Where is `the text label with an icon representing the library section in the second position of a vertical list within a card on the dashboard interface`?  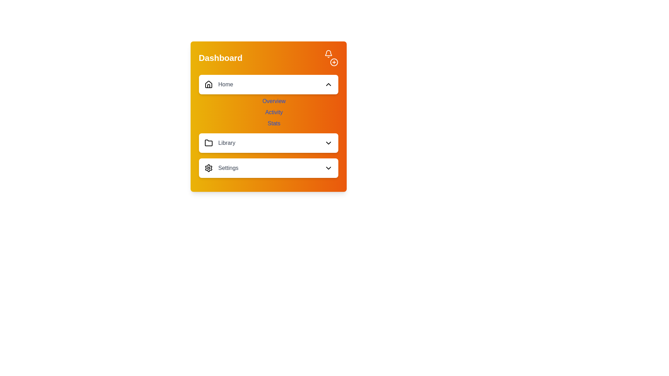
the text label with an icon representing the library section in the second position of a vertical list within a card on the dashboard interface is located at coordinates (219, 143).